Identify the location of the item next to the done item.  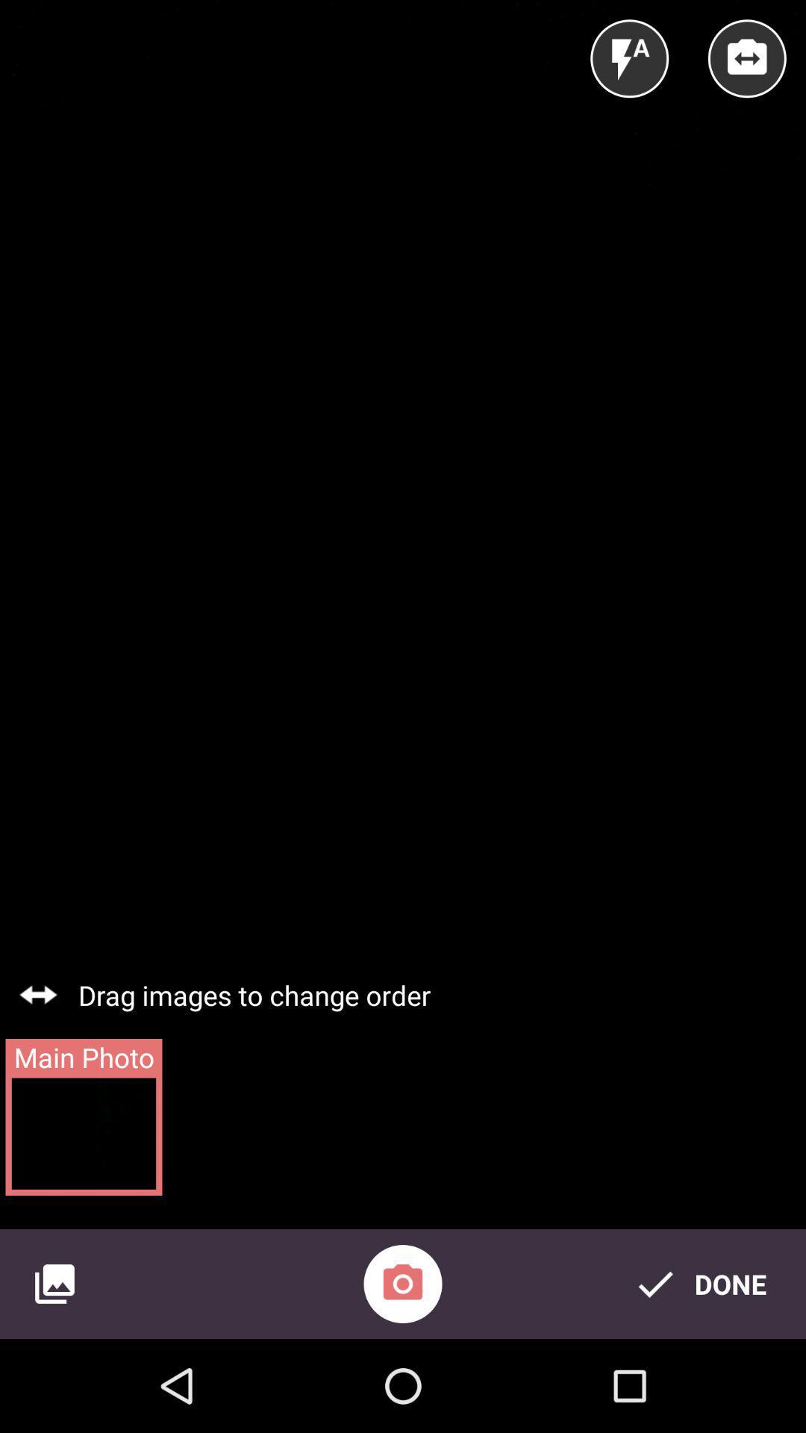
(403, 1283).